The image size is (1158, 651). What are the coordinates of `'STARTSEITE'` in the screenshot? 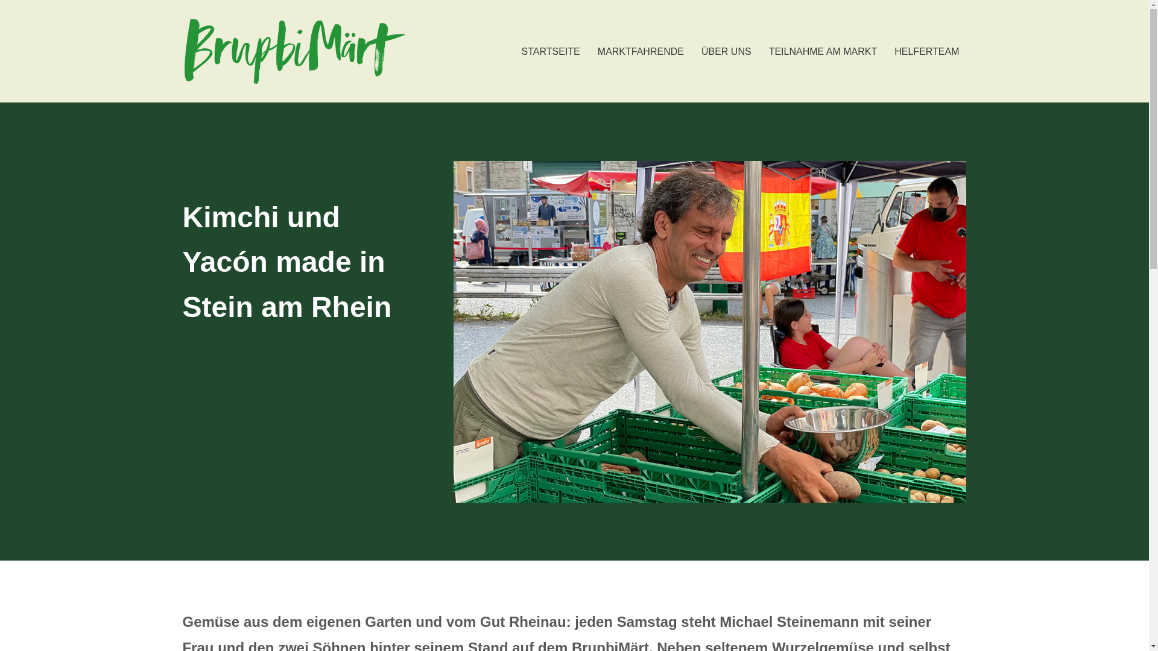 It's located at (550, 51).